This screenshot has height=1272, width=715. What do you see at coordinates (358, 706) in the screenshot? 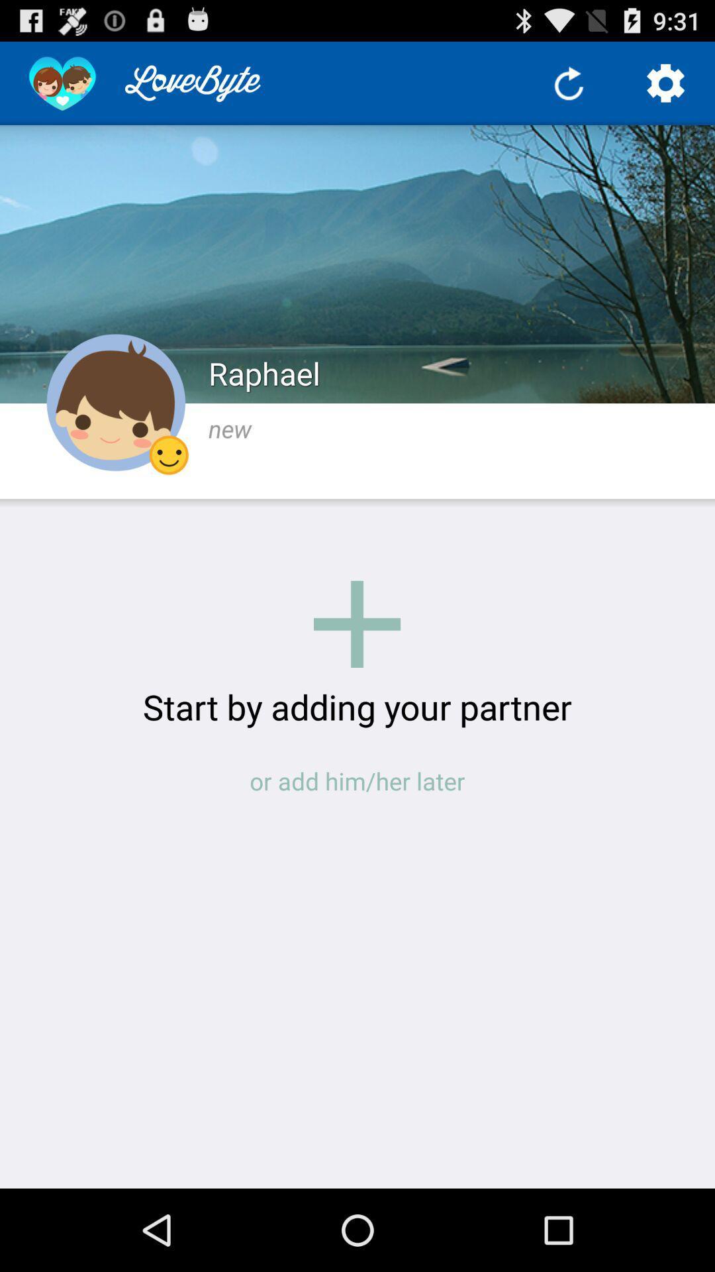
I see `start by adding app` at bounding box center [358, 706].